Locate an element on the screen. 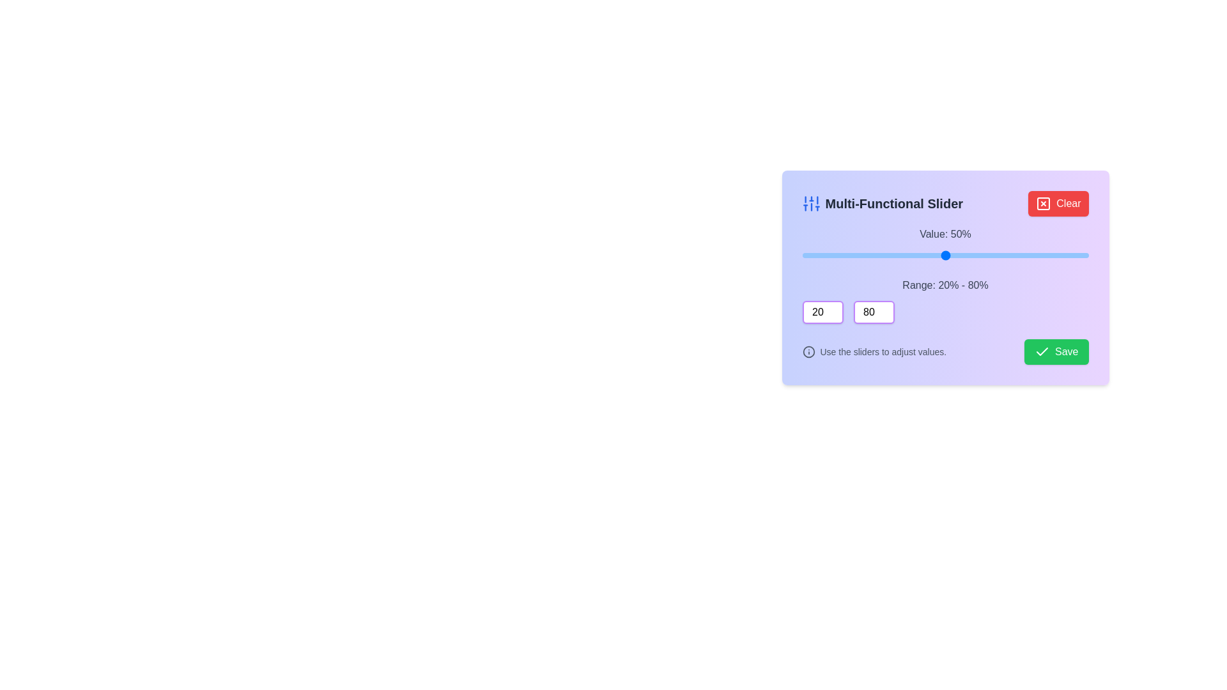  the slider value is located at coordinates (922, 256).